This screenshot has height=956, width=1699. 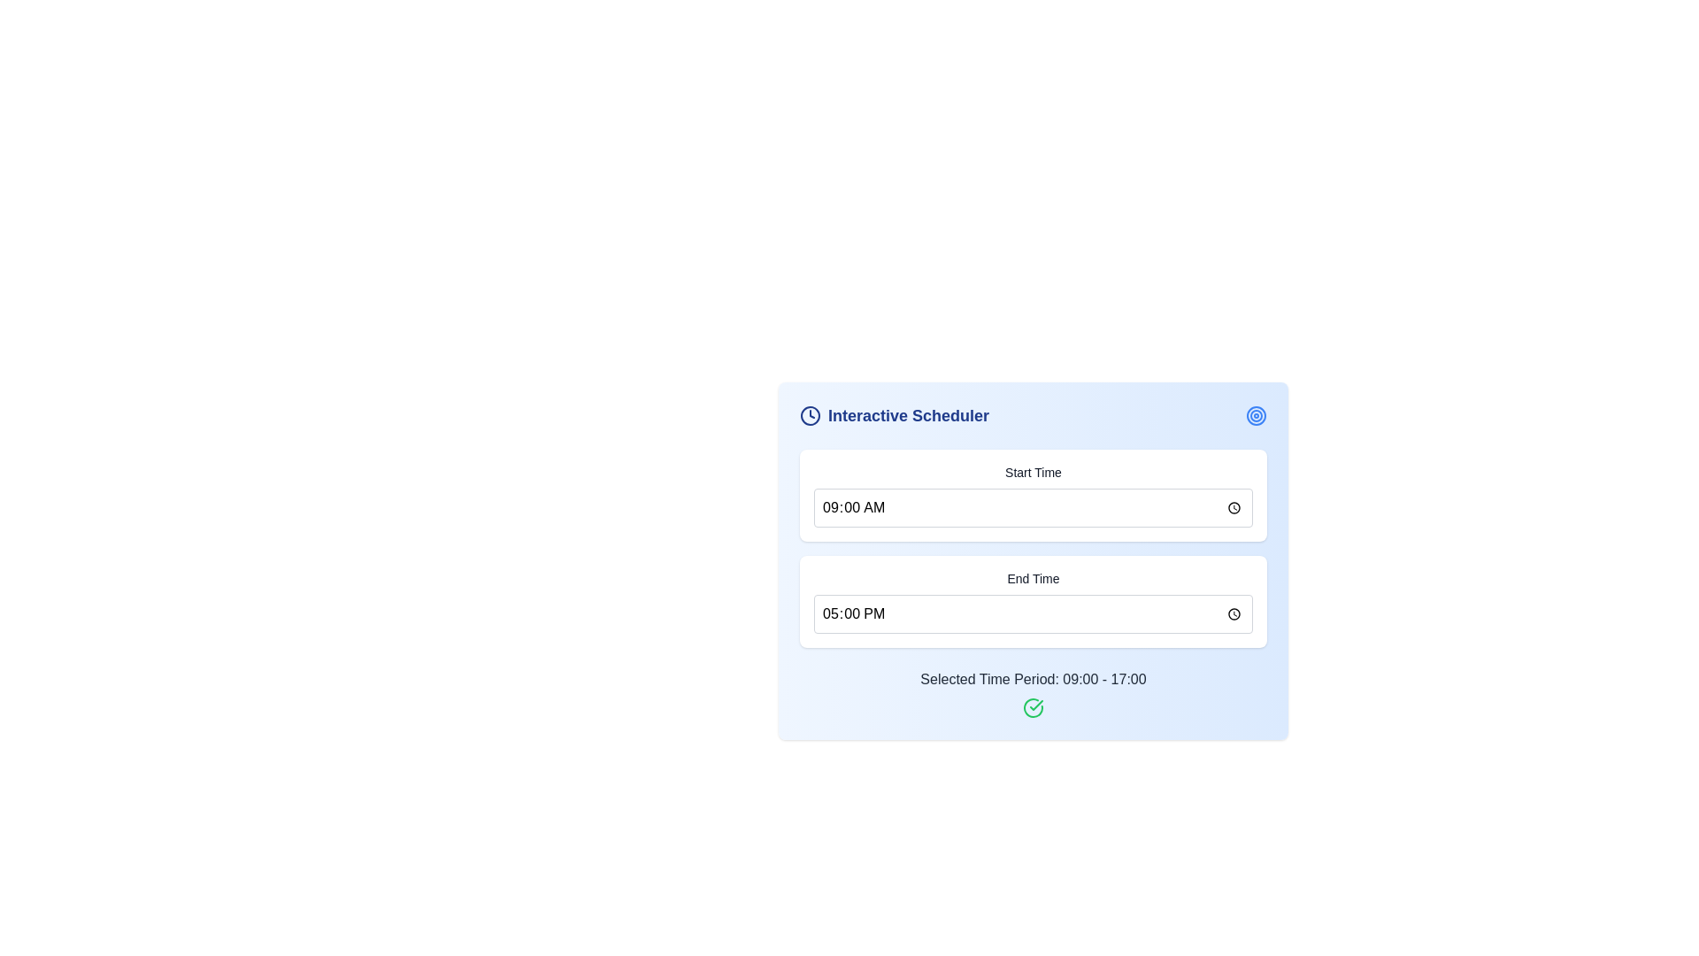 What do you see at coordinates (1033, 579) in the screenshot?
I see `the 'End Time' text label, which is a small-sized, bold-typed label displayed in dark-gray color, positioned above a time input field within a light-blue background card` at bounding box center [1033, 579].